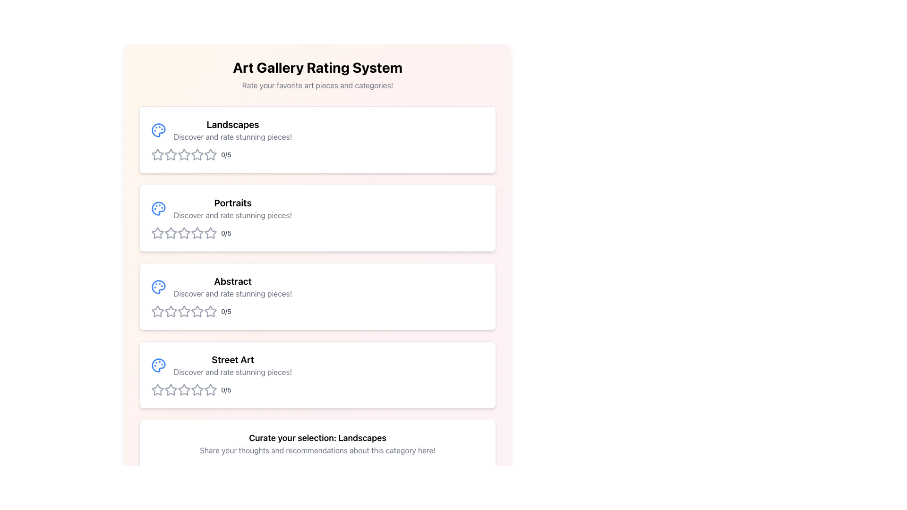 This screenshot has width=907, height=510. Describe the element at coordinates (171, 154) in the screenshot. I see `the second hollow star icon in the rating section of the 'Landscapes' category` at that location.